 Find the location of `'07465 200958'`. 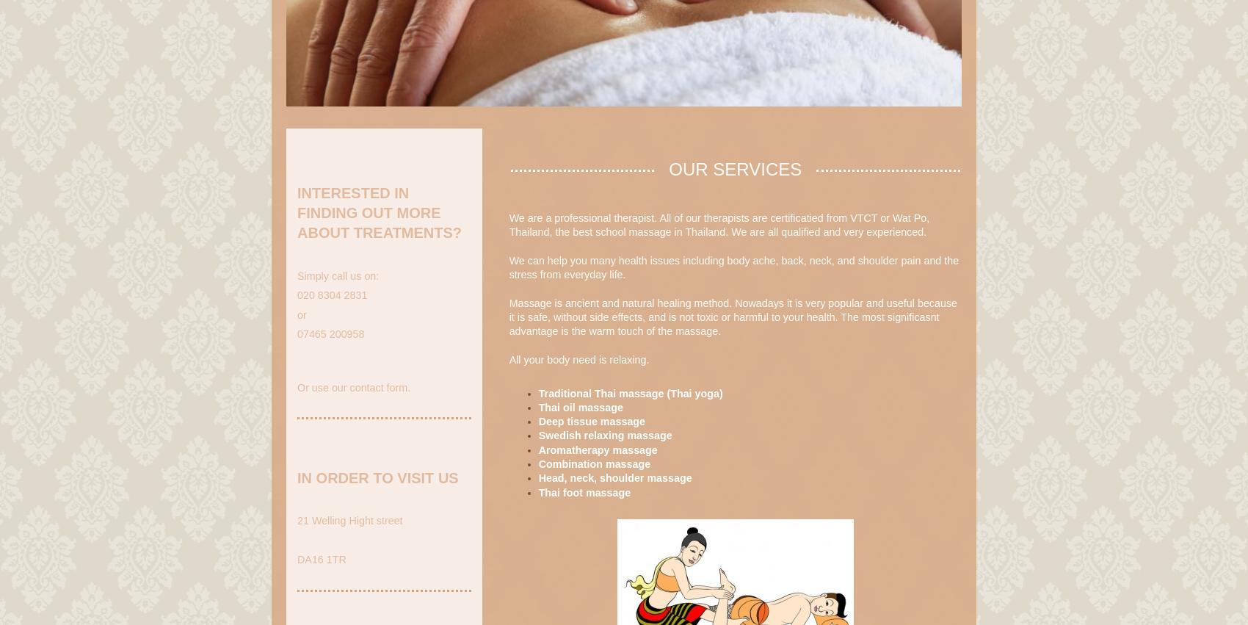

'07465 200958' is located at coordinates (330, 334).